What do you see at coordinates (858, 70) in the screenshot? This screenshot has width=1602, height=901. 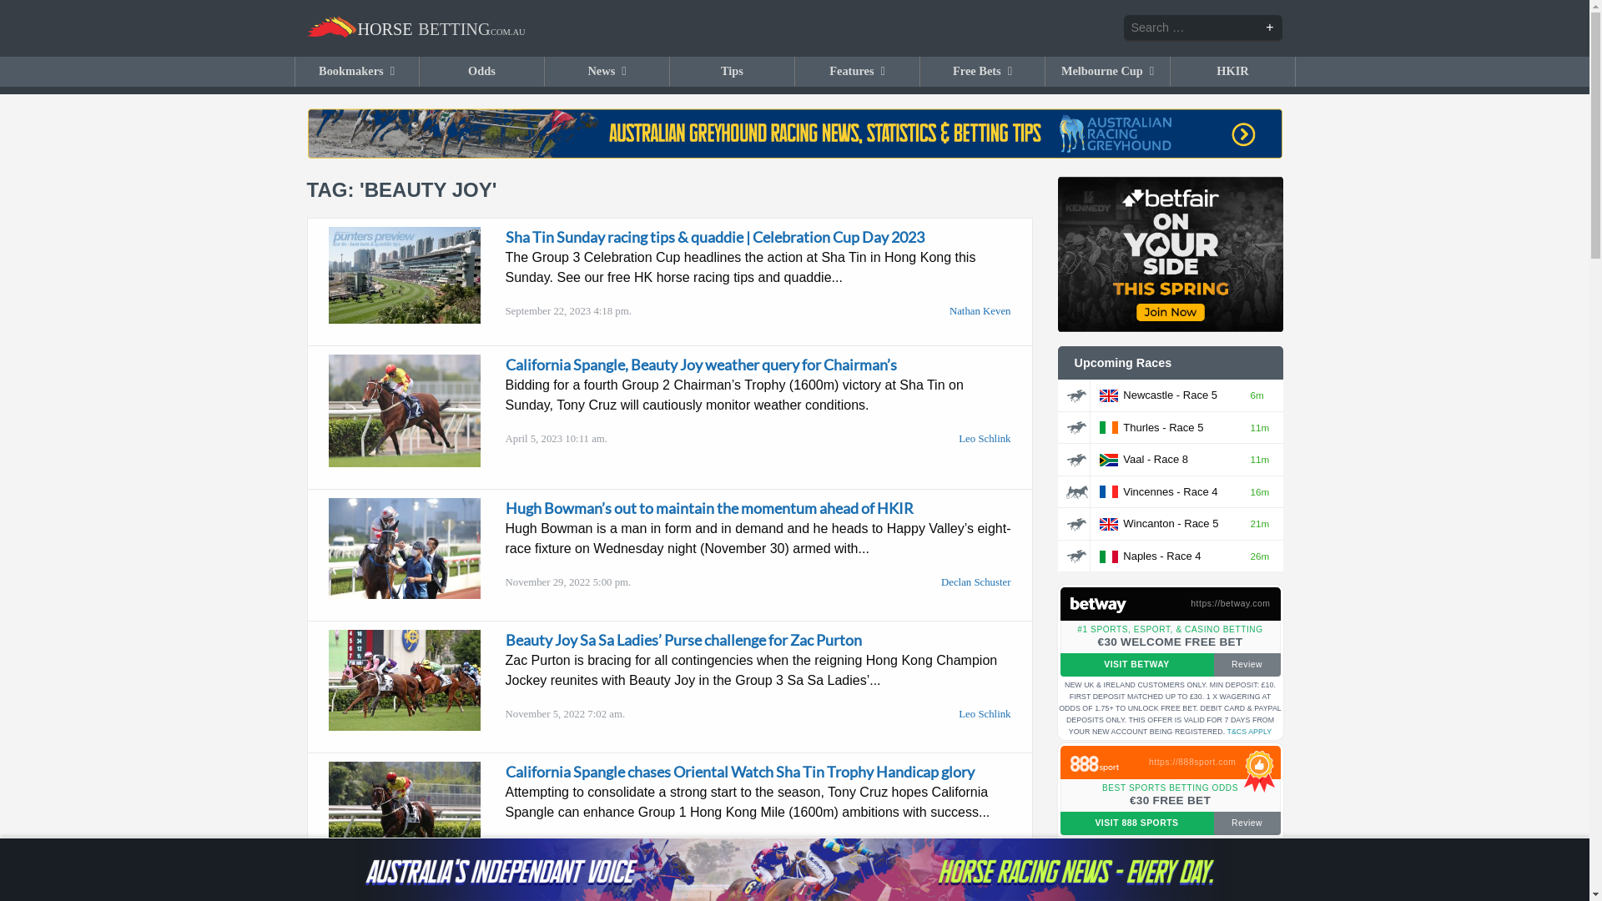 I see `'Features'` at bounding box center [858, 70].